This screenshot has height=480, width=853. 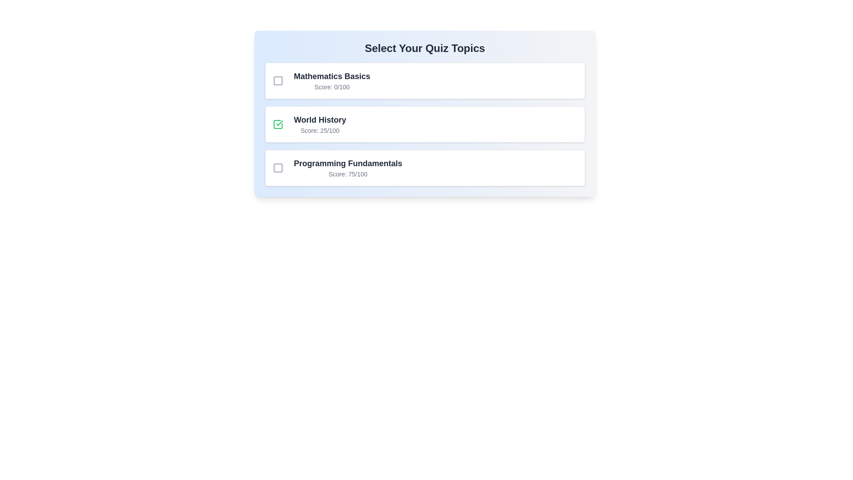 What do you see at coordinates (277, 124) in the screenshot?
I see `the quiz topic World History` at bounding box center [277, 124].